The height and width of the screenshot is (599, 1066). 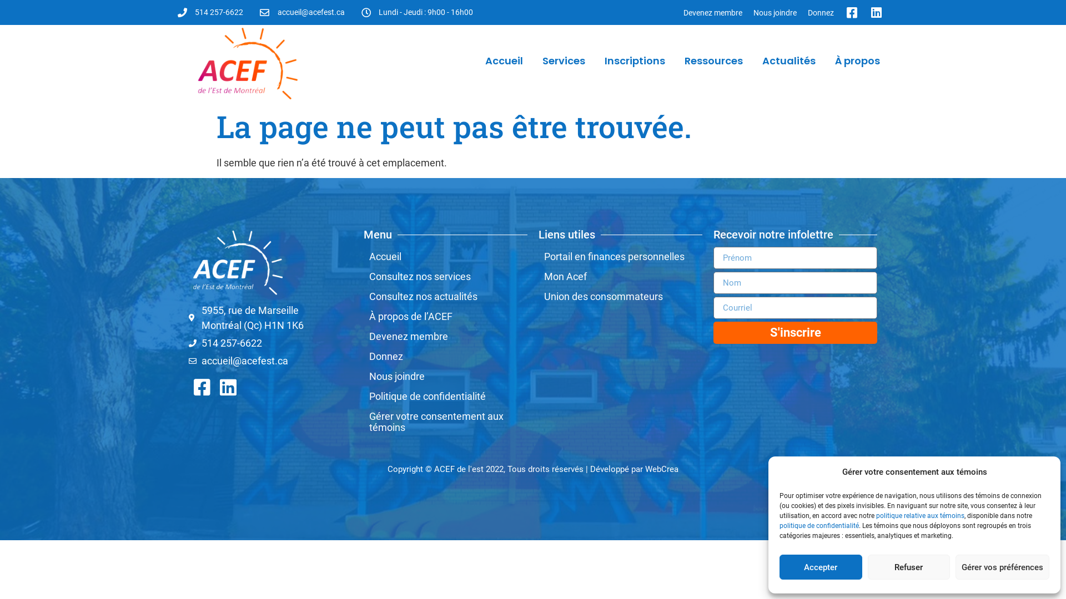 What do you see at coordinates (713, 61) in the screenshot?
I see `'Ressources'` at bounding box center [713, 61].